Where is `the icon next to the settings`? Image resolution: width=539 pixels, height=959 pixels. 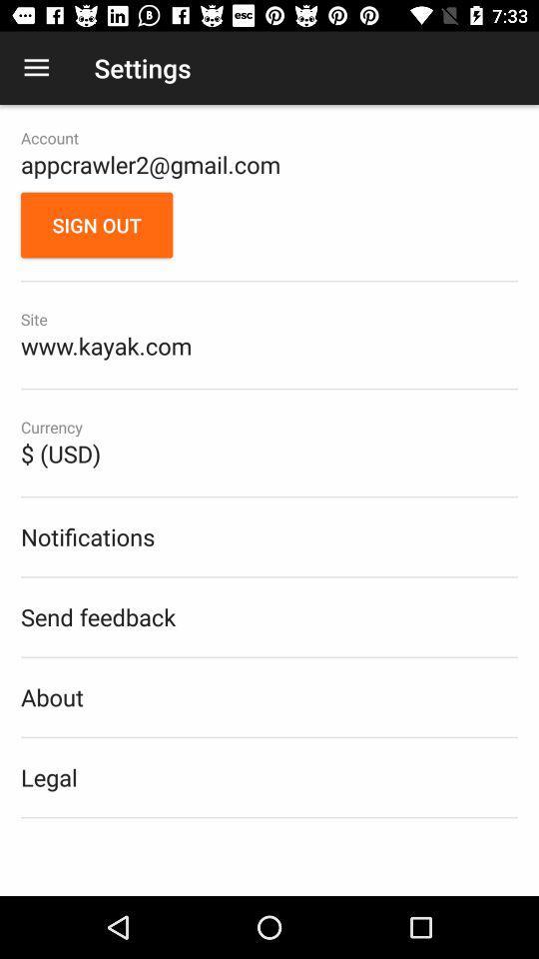
the icon next to the settings is located at coordinates (36, 68).